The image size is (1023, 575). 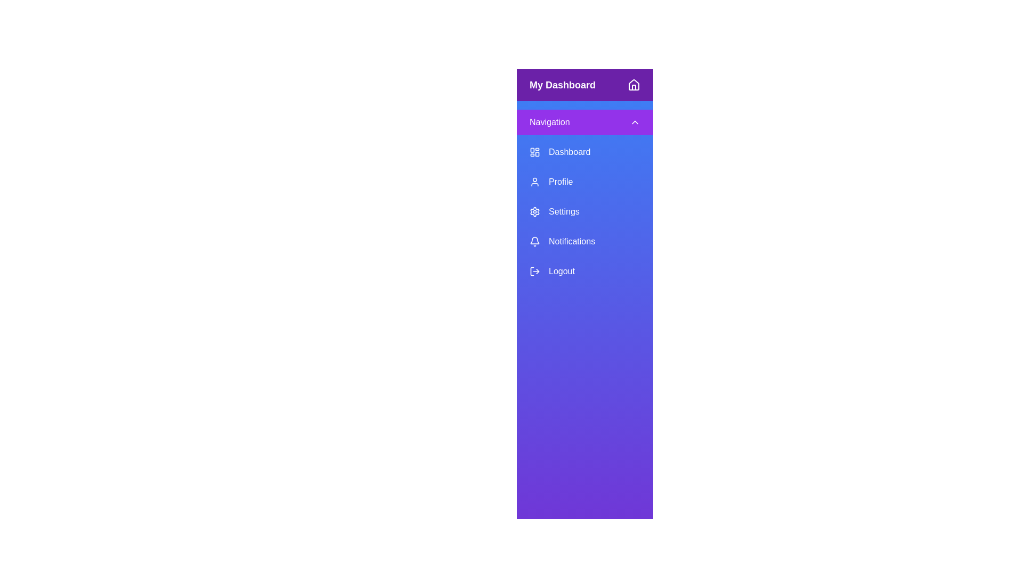 What do you see at coordinates (584, 211) in the screenshot?
I see `the button-like navigation link for 'Settings' in the vertical navigation menu` at bounding box center [584, 211].